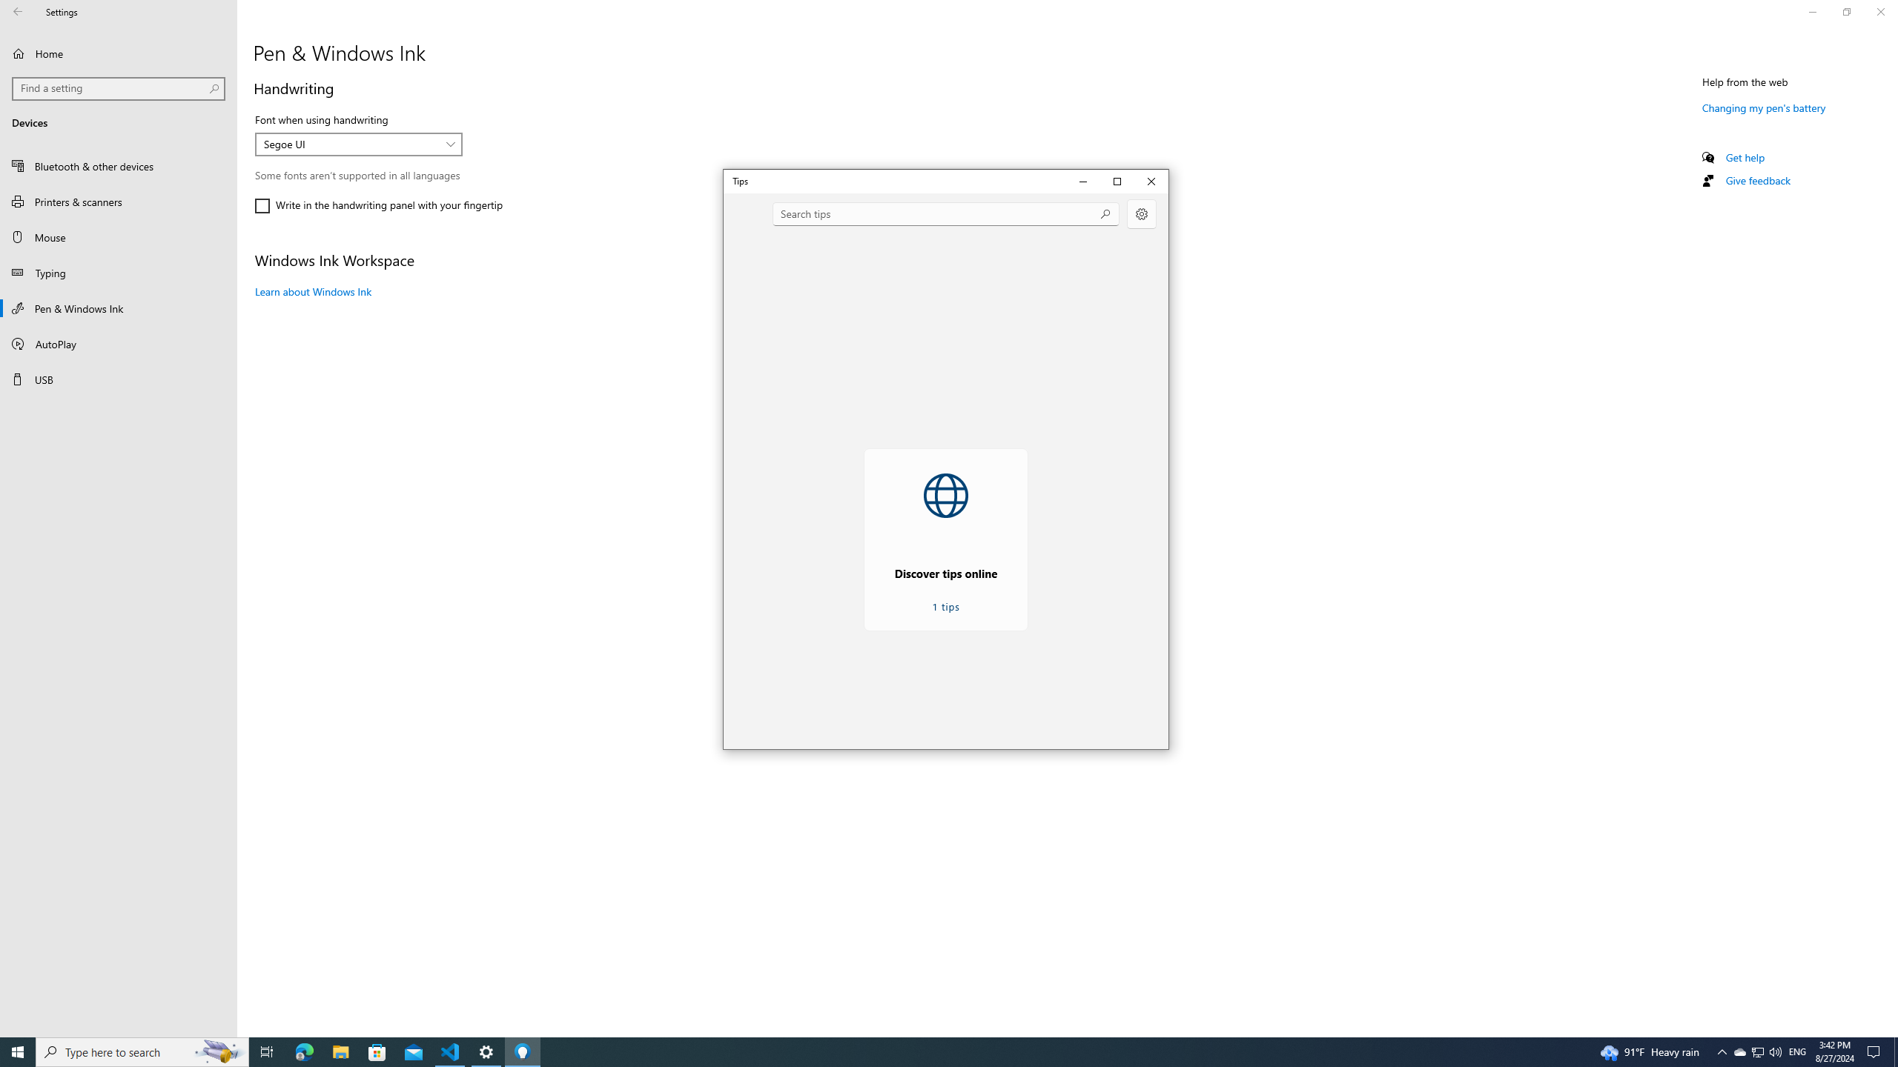 The width and height of the screenshot is (1898, 1067). I want to click on 'Tray Input Indicator - English (United States)', so click(1797, 1051).